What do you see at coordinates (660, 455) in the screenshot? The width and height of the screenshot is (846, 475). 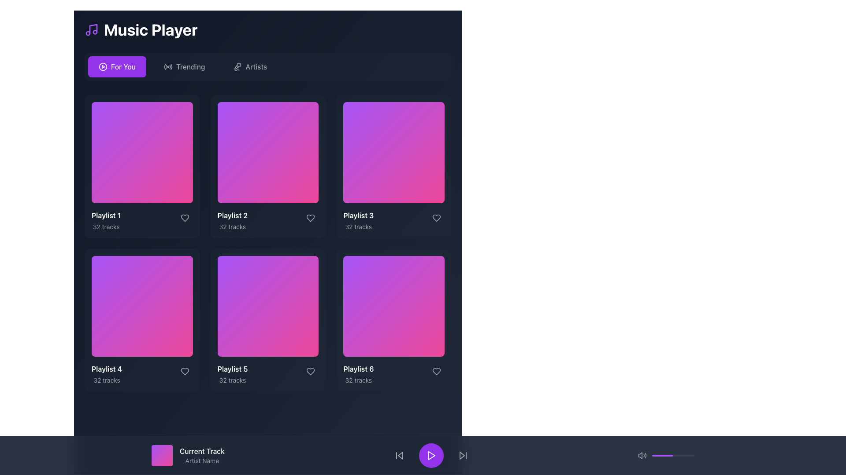 I see `the slider value` at bounding box center [660, 455].